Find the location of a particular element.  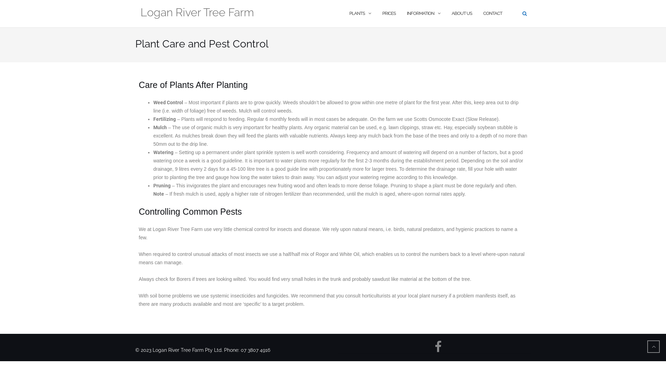

'INFORMATION' is located at coordinates (420, 14).